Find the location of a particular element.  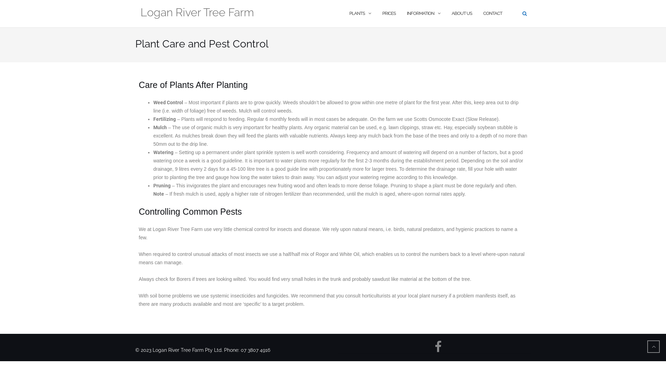

'INFORMATION' is located at coordinates (420, 14).